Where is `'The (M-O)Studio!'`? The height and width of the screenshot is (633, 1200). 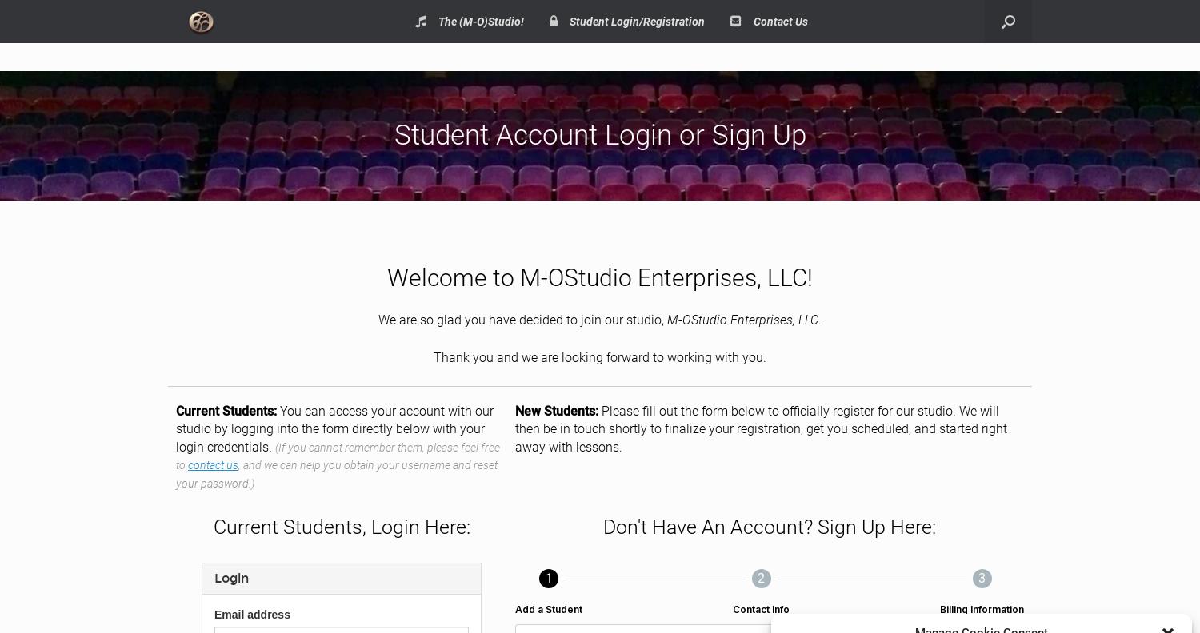
'The (M-O)Studio!' is located at coordinates (480, 21).